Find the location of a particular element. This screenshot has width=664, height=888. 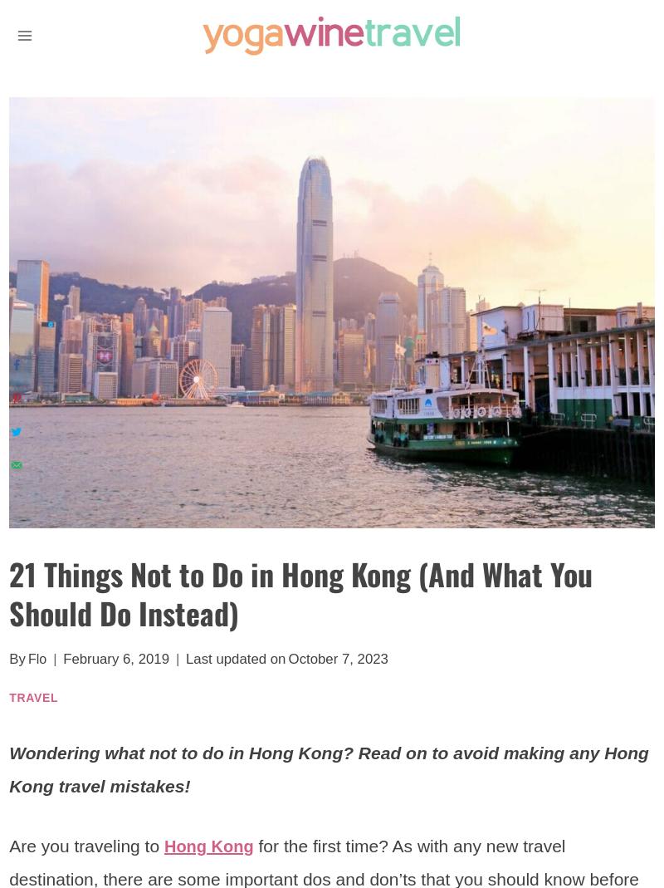

'By' is located at coordinates (9, 659).